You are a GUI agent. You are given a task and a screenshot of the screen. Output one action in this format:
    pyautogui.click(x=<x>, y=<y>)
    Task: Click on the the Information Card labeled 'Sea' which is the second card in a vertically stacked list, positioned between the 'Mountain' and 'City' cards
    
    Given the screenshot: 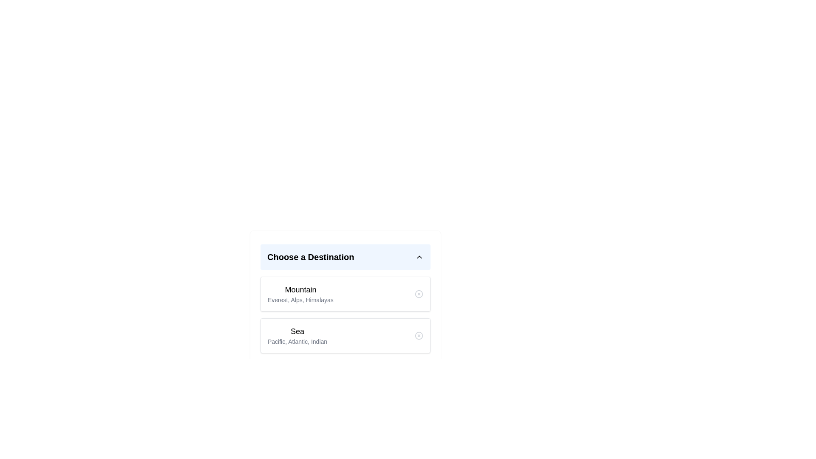 What is the action you would take?
    pyautogui.click(x=345, y=335)
    